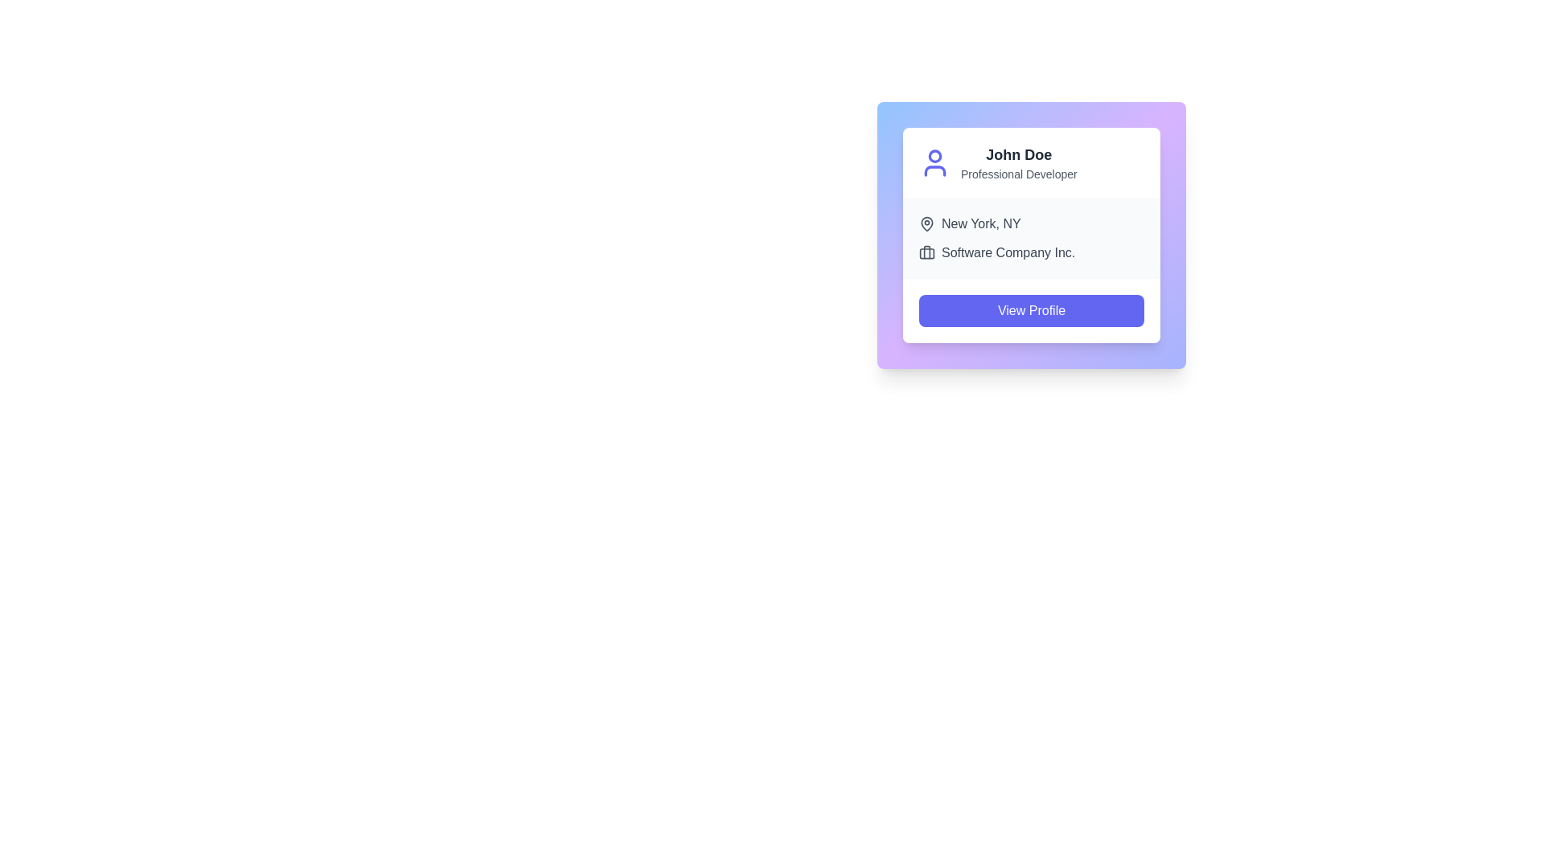 This screenshot has width=1544, height=868. I want to click on the decorative SVG icon representing location, which is positioned to the left of the text 'New York, NY' in the profile card, so click(926, 223).